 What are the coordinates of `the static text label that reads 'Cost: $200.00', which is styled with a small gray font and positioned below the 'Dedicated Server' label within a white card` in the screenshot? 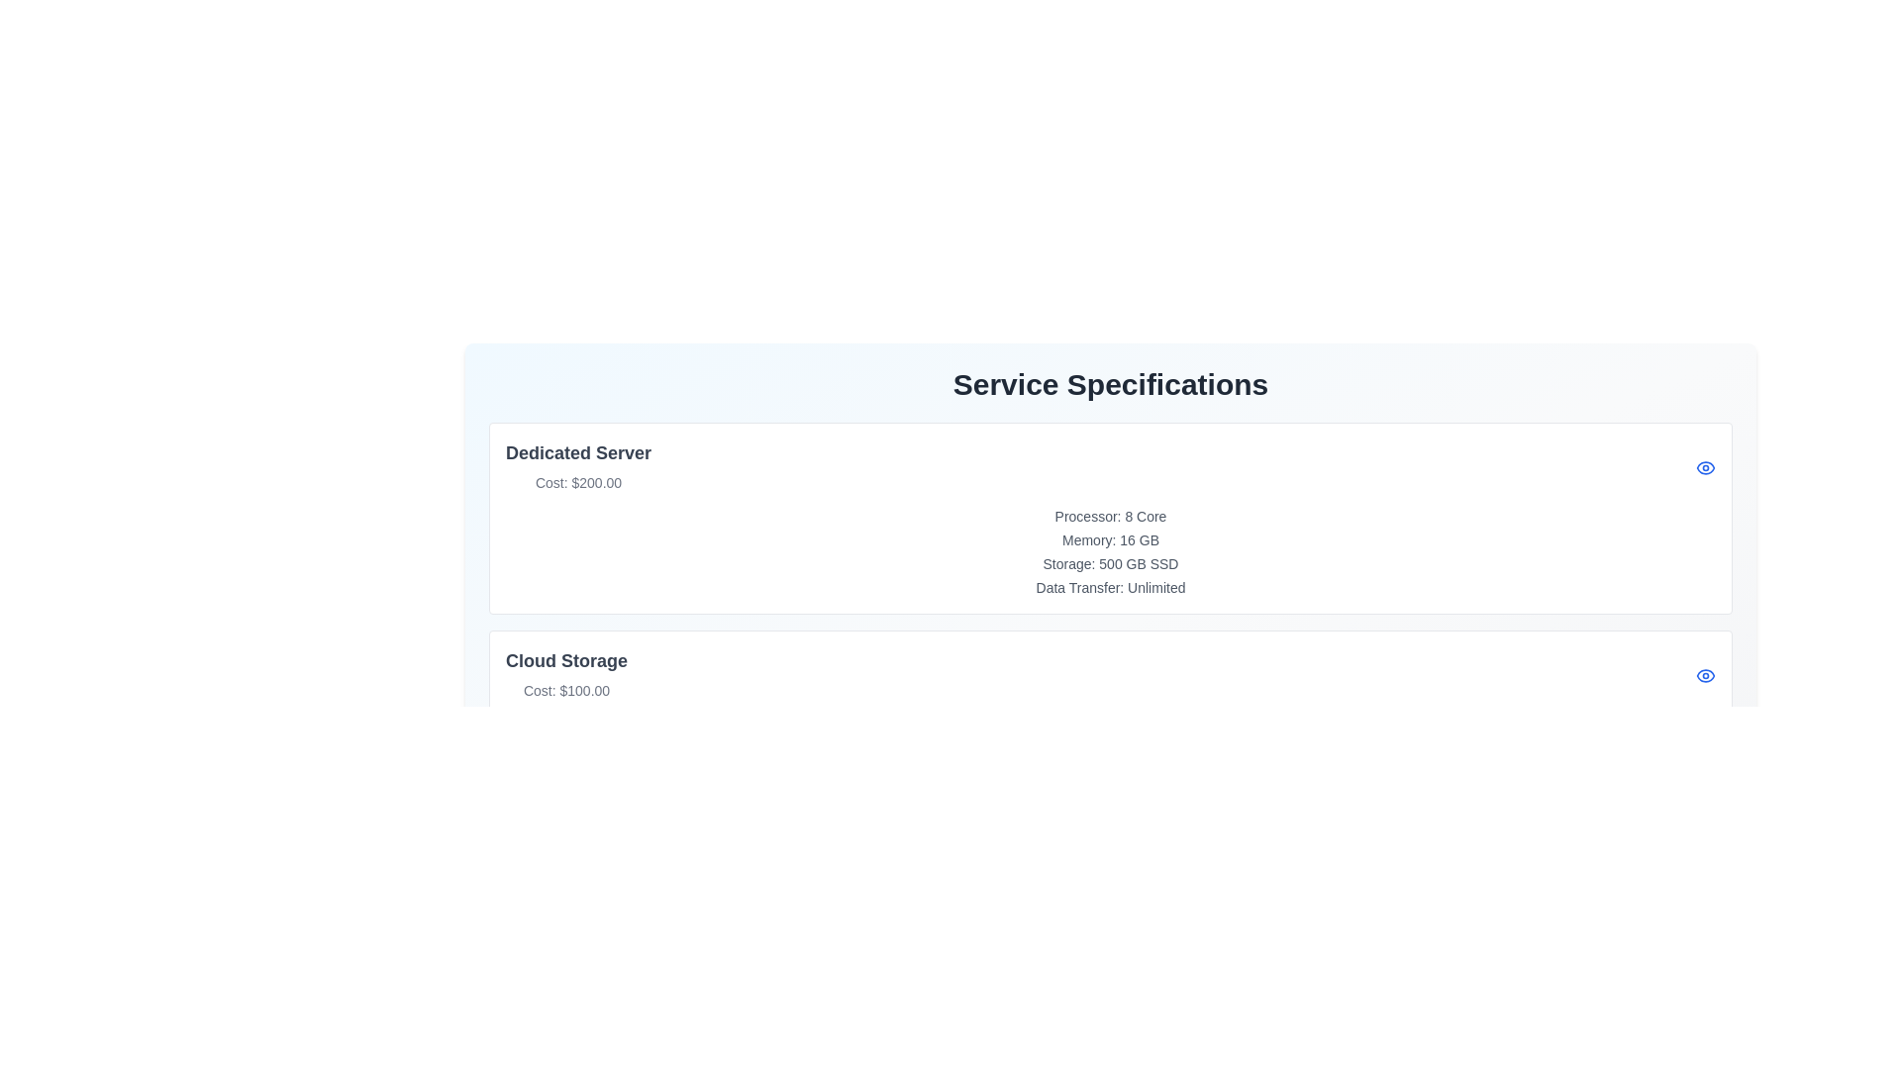 It's located at (577, 483).